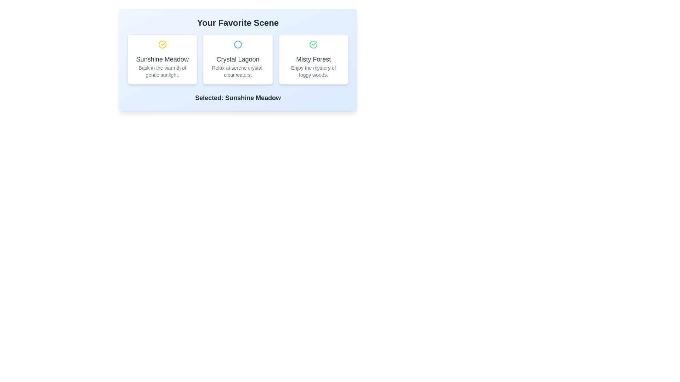  What do you see at coordinates (313, 59) in the screenshot?
I see `the 'Misty Forest' selectable card, which is the third card in a horizontally aligned grid of three cards` at bounding box center [313, 59].